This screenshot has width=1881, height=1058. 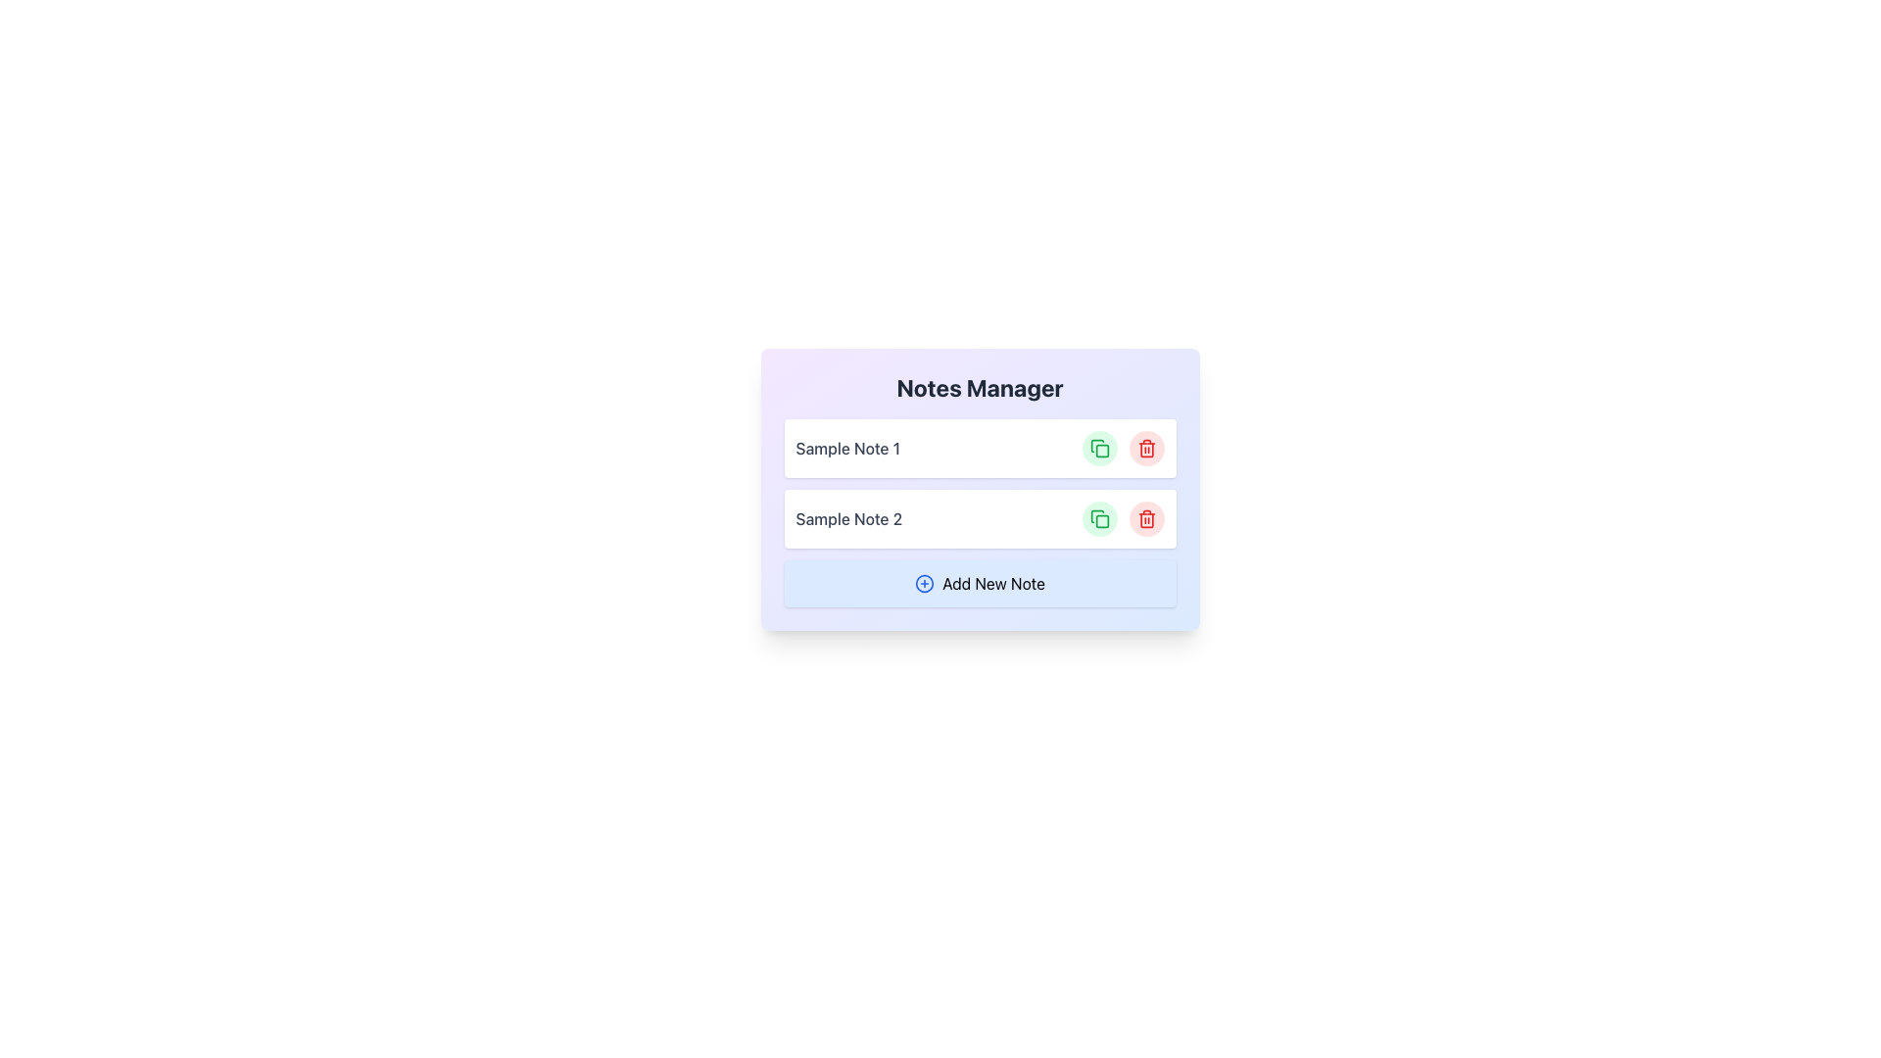 I want to click on the green curved line of the SVG icon that is part of the stacked document, positioned to the right of the text label 'Sample Note 2', so click(x=1095, y=446).